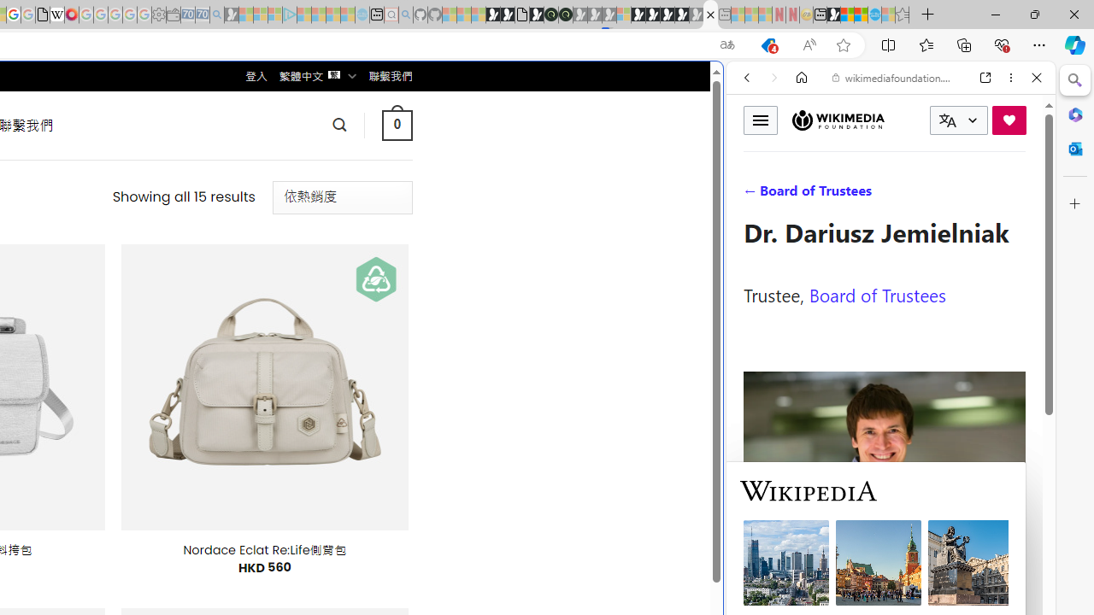  Describe the element at coordinates (767, 44) in the screenshot. I see `'This site has coupons! Shopping in Microsoft Edge, 4'` at that location.